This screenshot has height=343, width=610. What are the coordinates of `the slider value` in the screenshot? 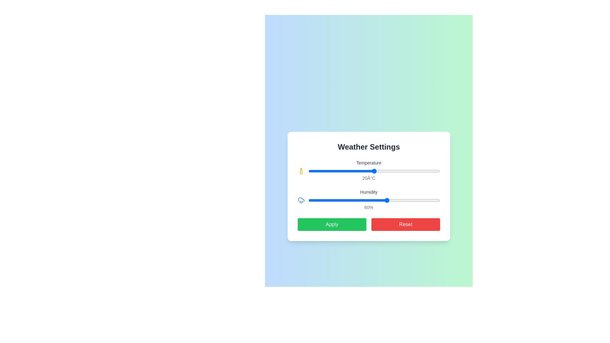 It's located at (324, 200).